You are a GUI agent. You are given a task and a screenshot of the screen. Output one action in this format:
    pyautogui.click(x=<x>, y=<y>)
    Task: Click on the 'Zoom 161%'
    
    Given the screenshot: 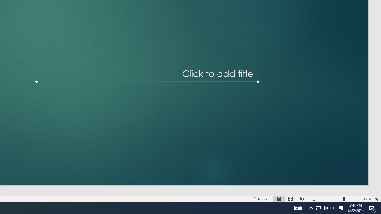 What is the action you would take?
    pyautogui.click(x=367, y=199)
    